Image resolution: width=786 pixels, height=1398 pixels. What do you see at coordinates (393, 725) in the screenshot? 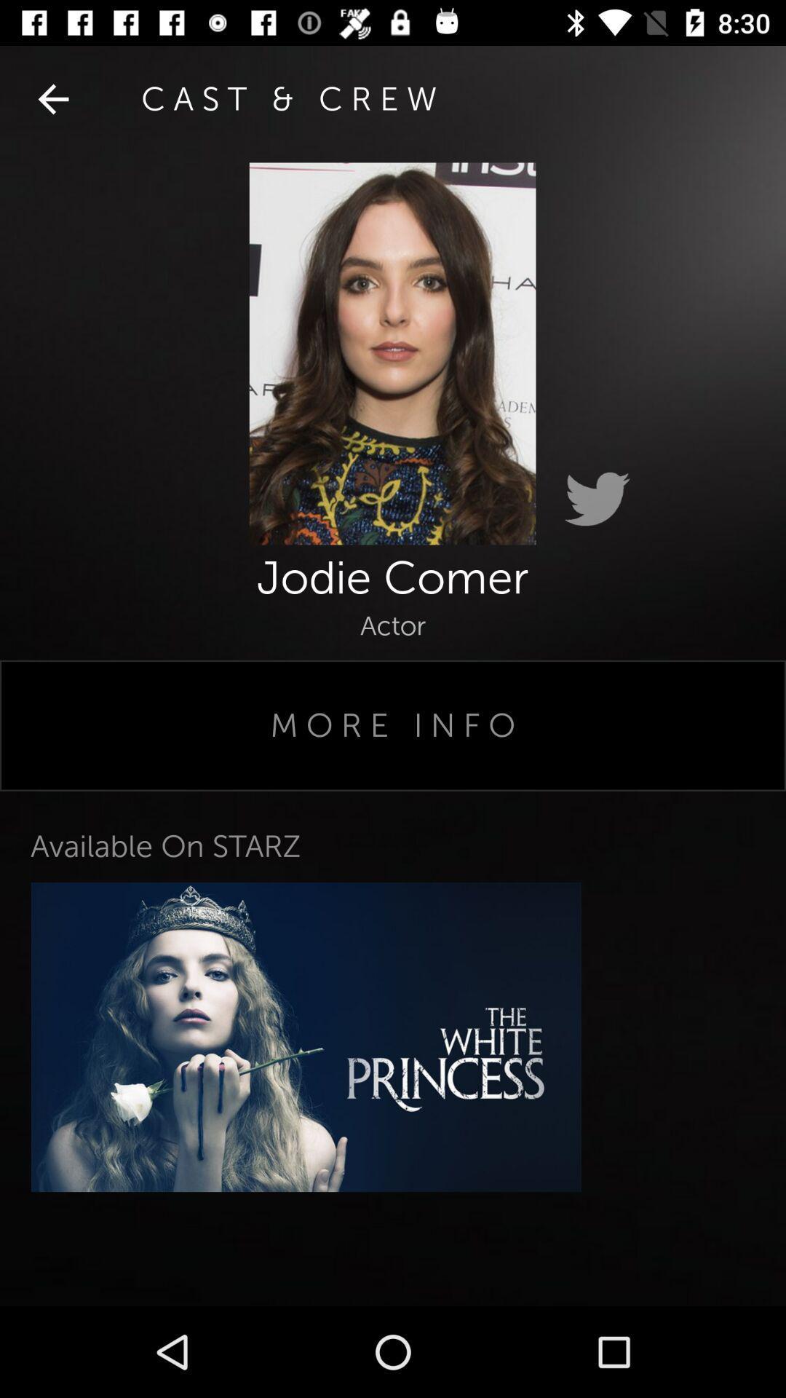
I see `the more info icon` at bounding box center [393, 725].